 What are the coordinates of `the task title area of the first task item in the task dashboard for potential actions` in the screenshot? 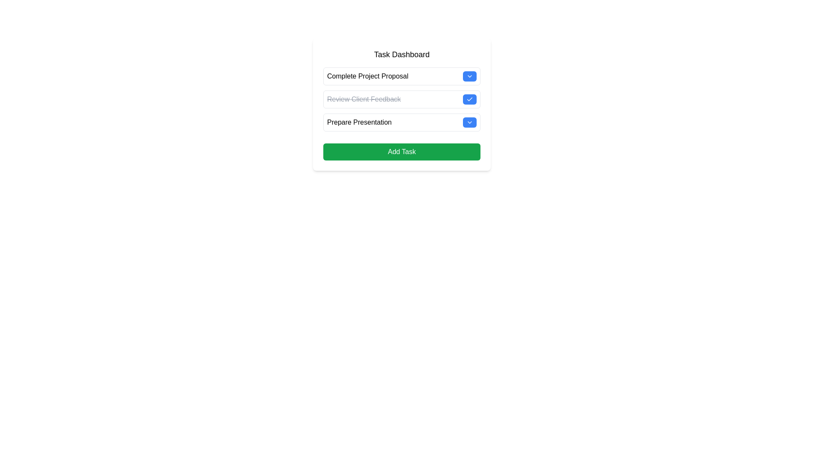 It's located at (401, 76).